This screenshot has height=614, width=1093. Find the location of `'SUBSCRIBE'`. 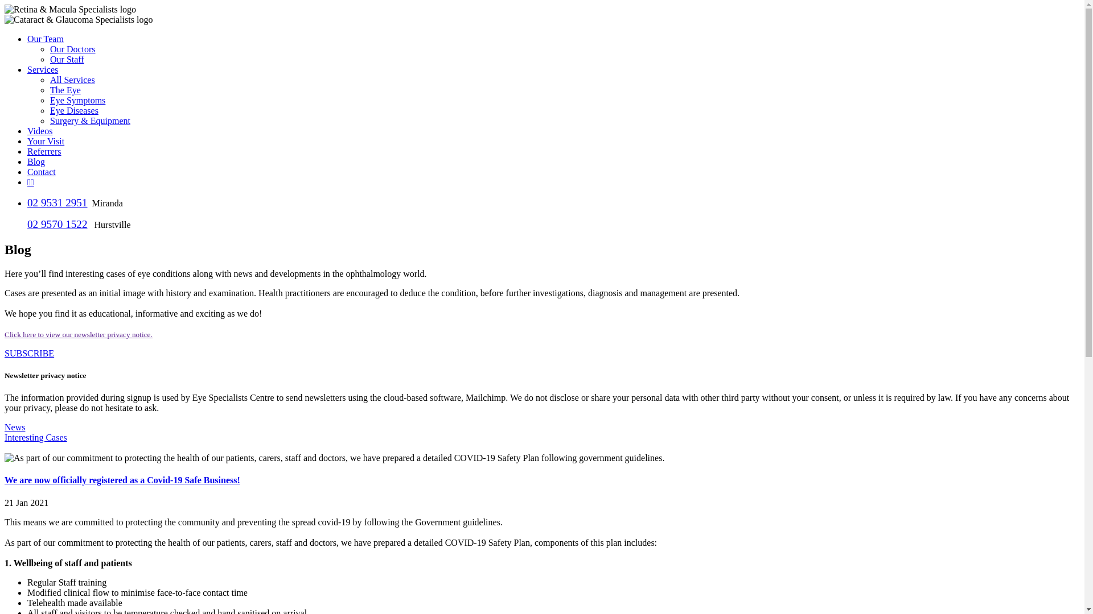

'SUBSCRIBE' is located at coordinates (29, 352).